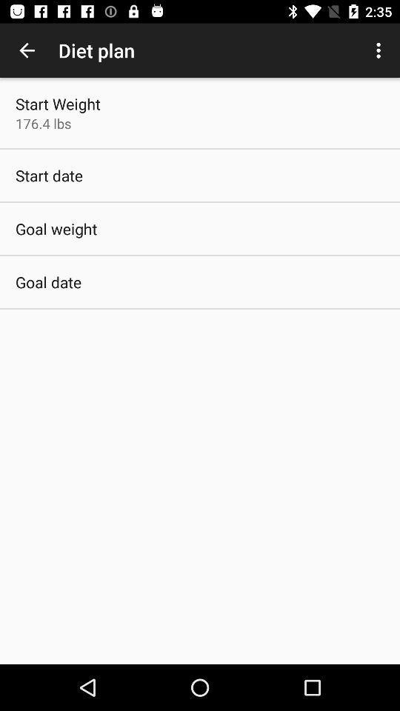 The height and width of the screenshot is (711, 400). I want to click on the start weight, so click(57, 103).